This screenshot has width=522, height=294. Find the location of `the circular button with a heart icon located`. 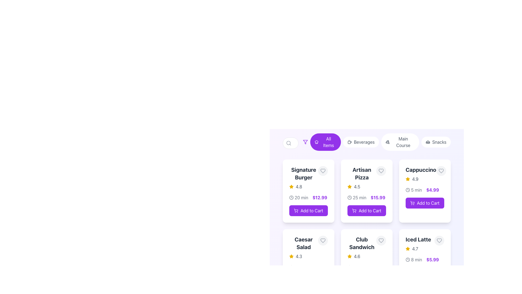

the circular button with a heart icon located is located at coordinates (323, 240).